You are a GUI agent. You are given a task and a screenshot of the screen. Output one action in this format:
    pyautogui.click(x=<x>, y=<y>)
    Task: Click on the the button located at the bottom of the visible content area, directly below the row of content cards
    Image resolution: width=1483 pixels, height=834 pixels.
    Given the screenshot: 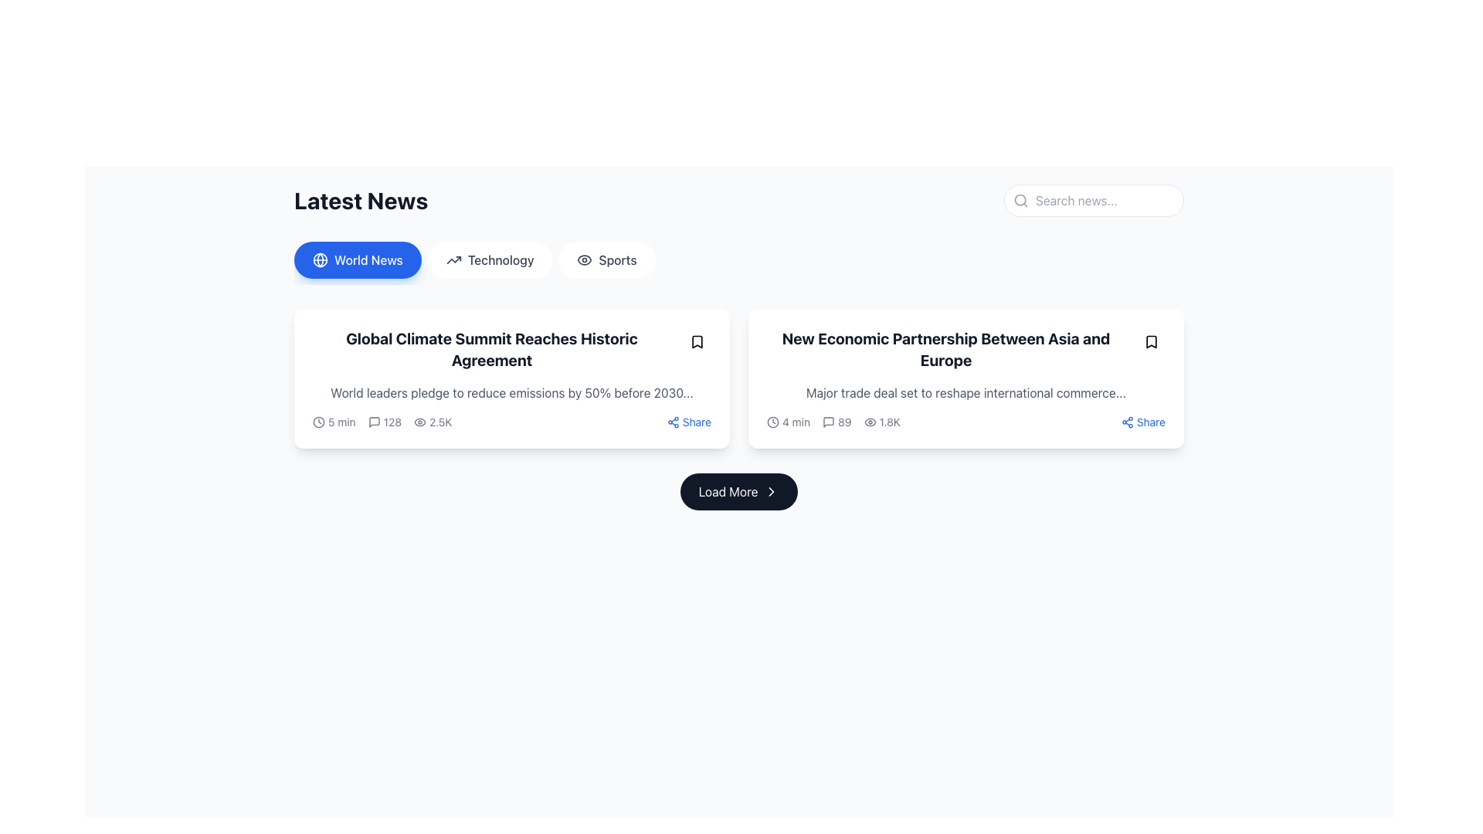 What is the action you would take?
    pyautogui.click(x=738, y=491)
    